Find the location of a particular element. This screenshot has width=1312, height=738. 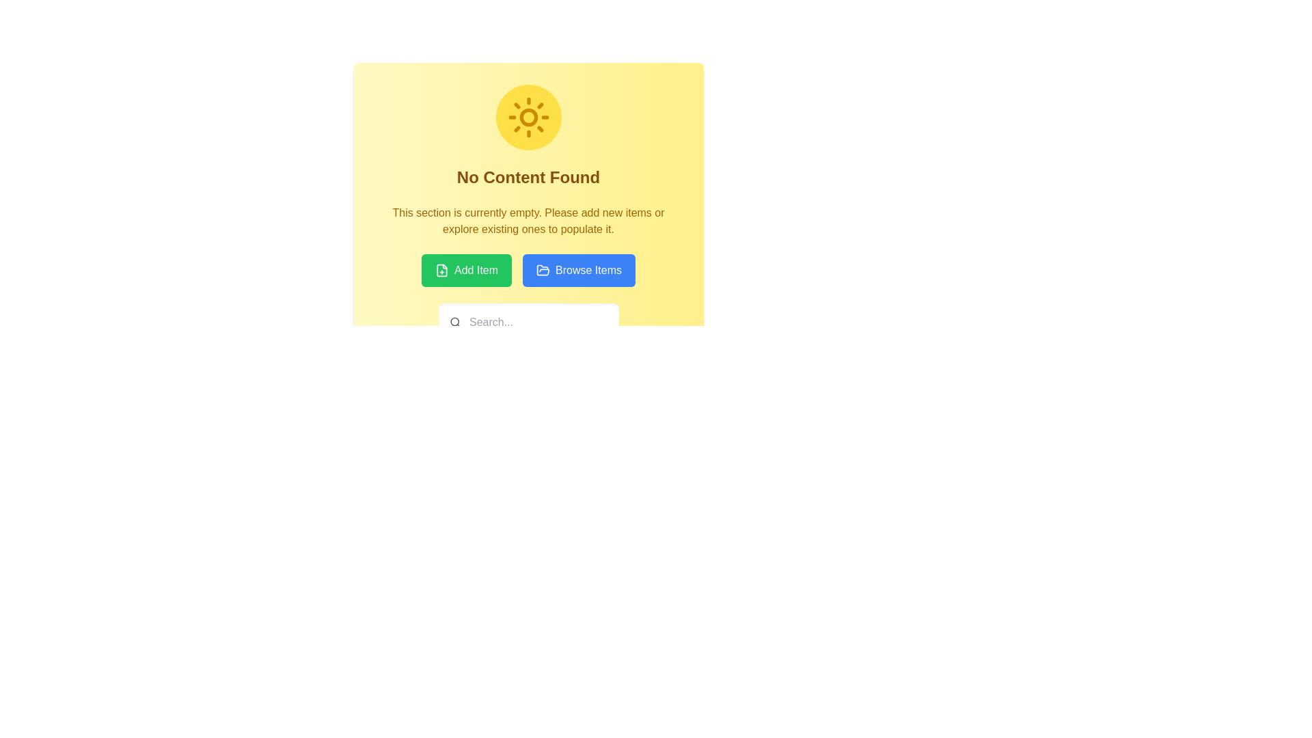

the decorative icon positioned in the upper-center of the panel with a gradient yellow background, directly above the heading 'No Content Found' is located at coordinates (528, 117).